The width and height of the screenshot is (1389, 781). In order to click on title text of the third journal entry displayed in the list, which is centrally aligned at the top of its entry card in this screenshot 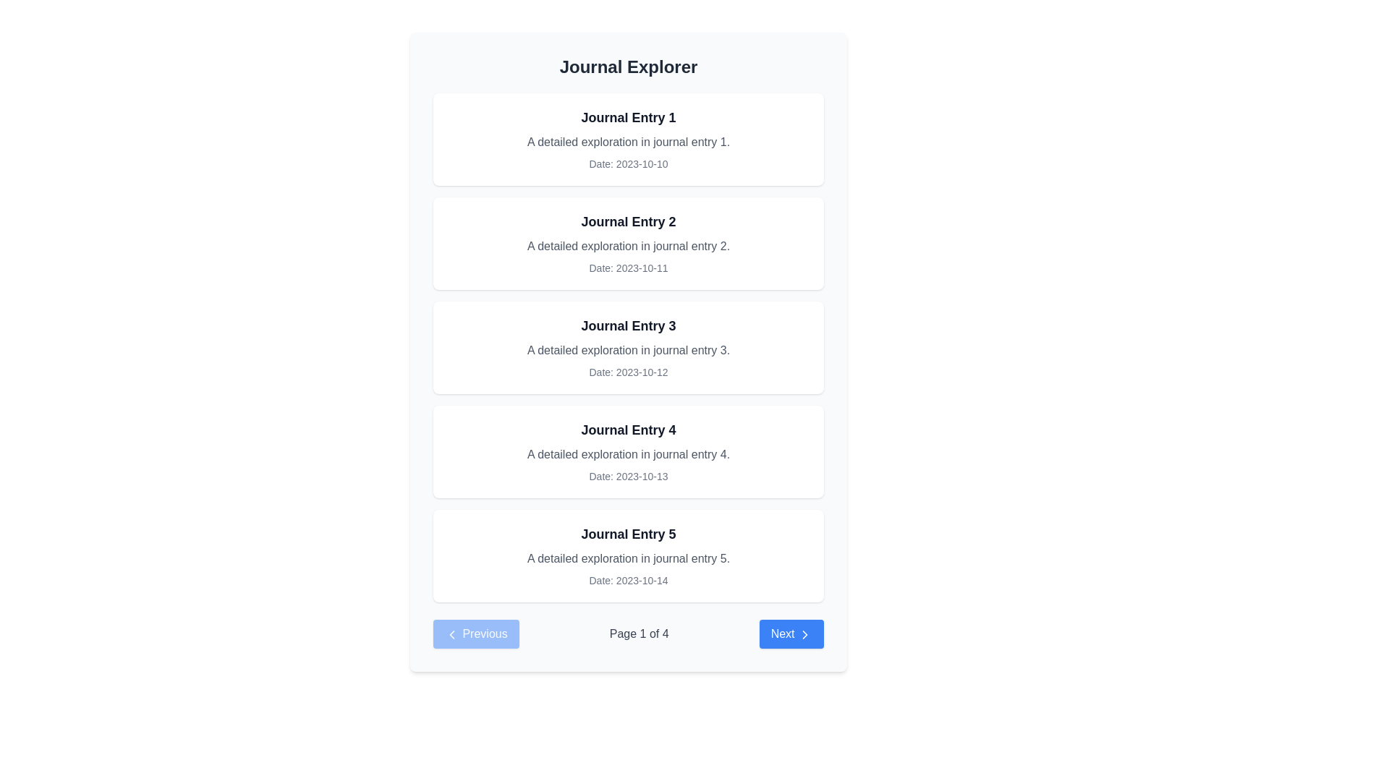, I will do `click(628, 326)`.